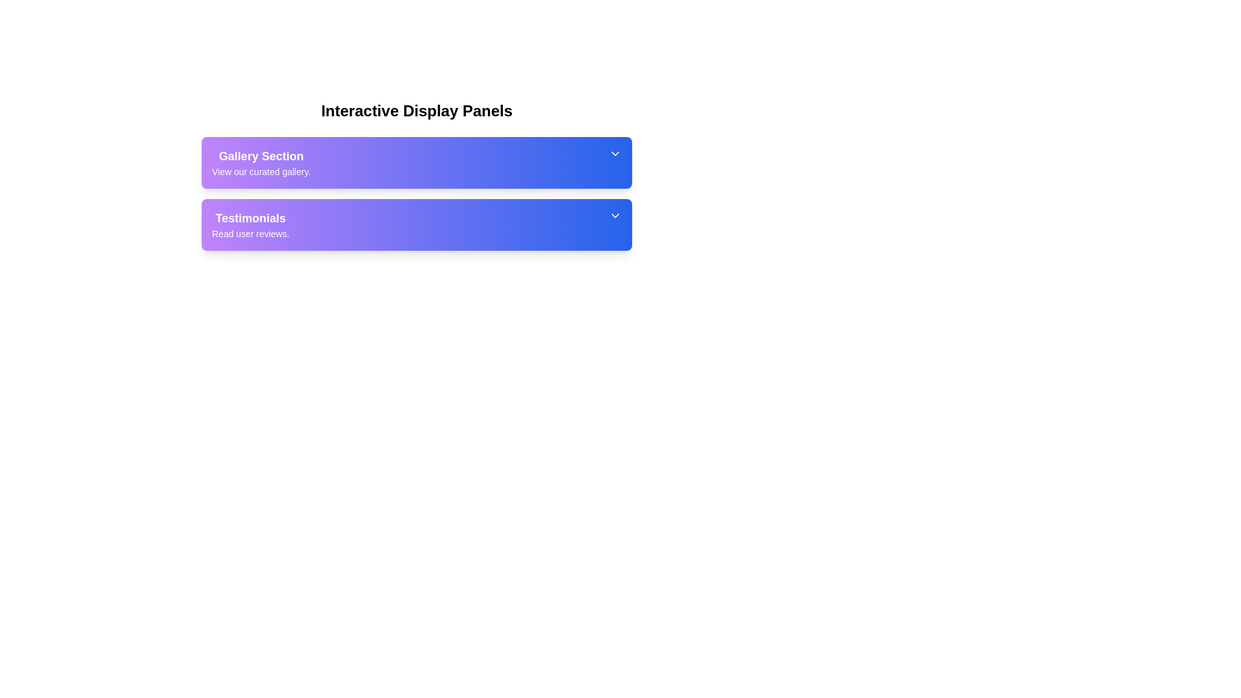 Image resolution: width=1241 pixels, height=698 pixels. I want to click on the text label displaying 'View our curated gallery.' which is located beneath the 'Gallery Section' text within a purple gradient background, so click(260, 171).